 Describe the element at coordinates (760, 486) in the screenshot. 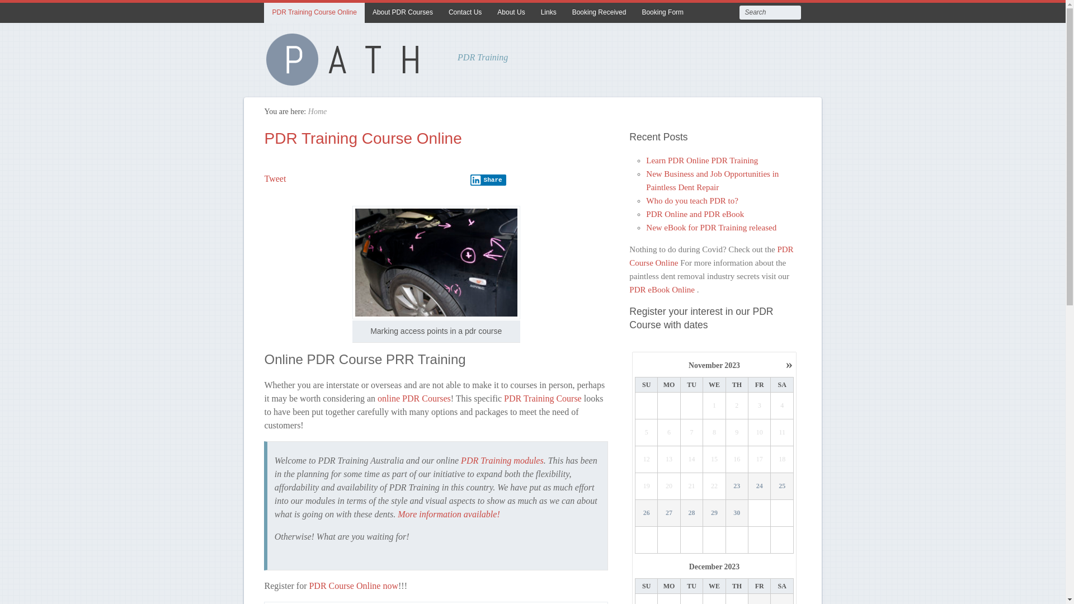

I see `'24'` at that location.